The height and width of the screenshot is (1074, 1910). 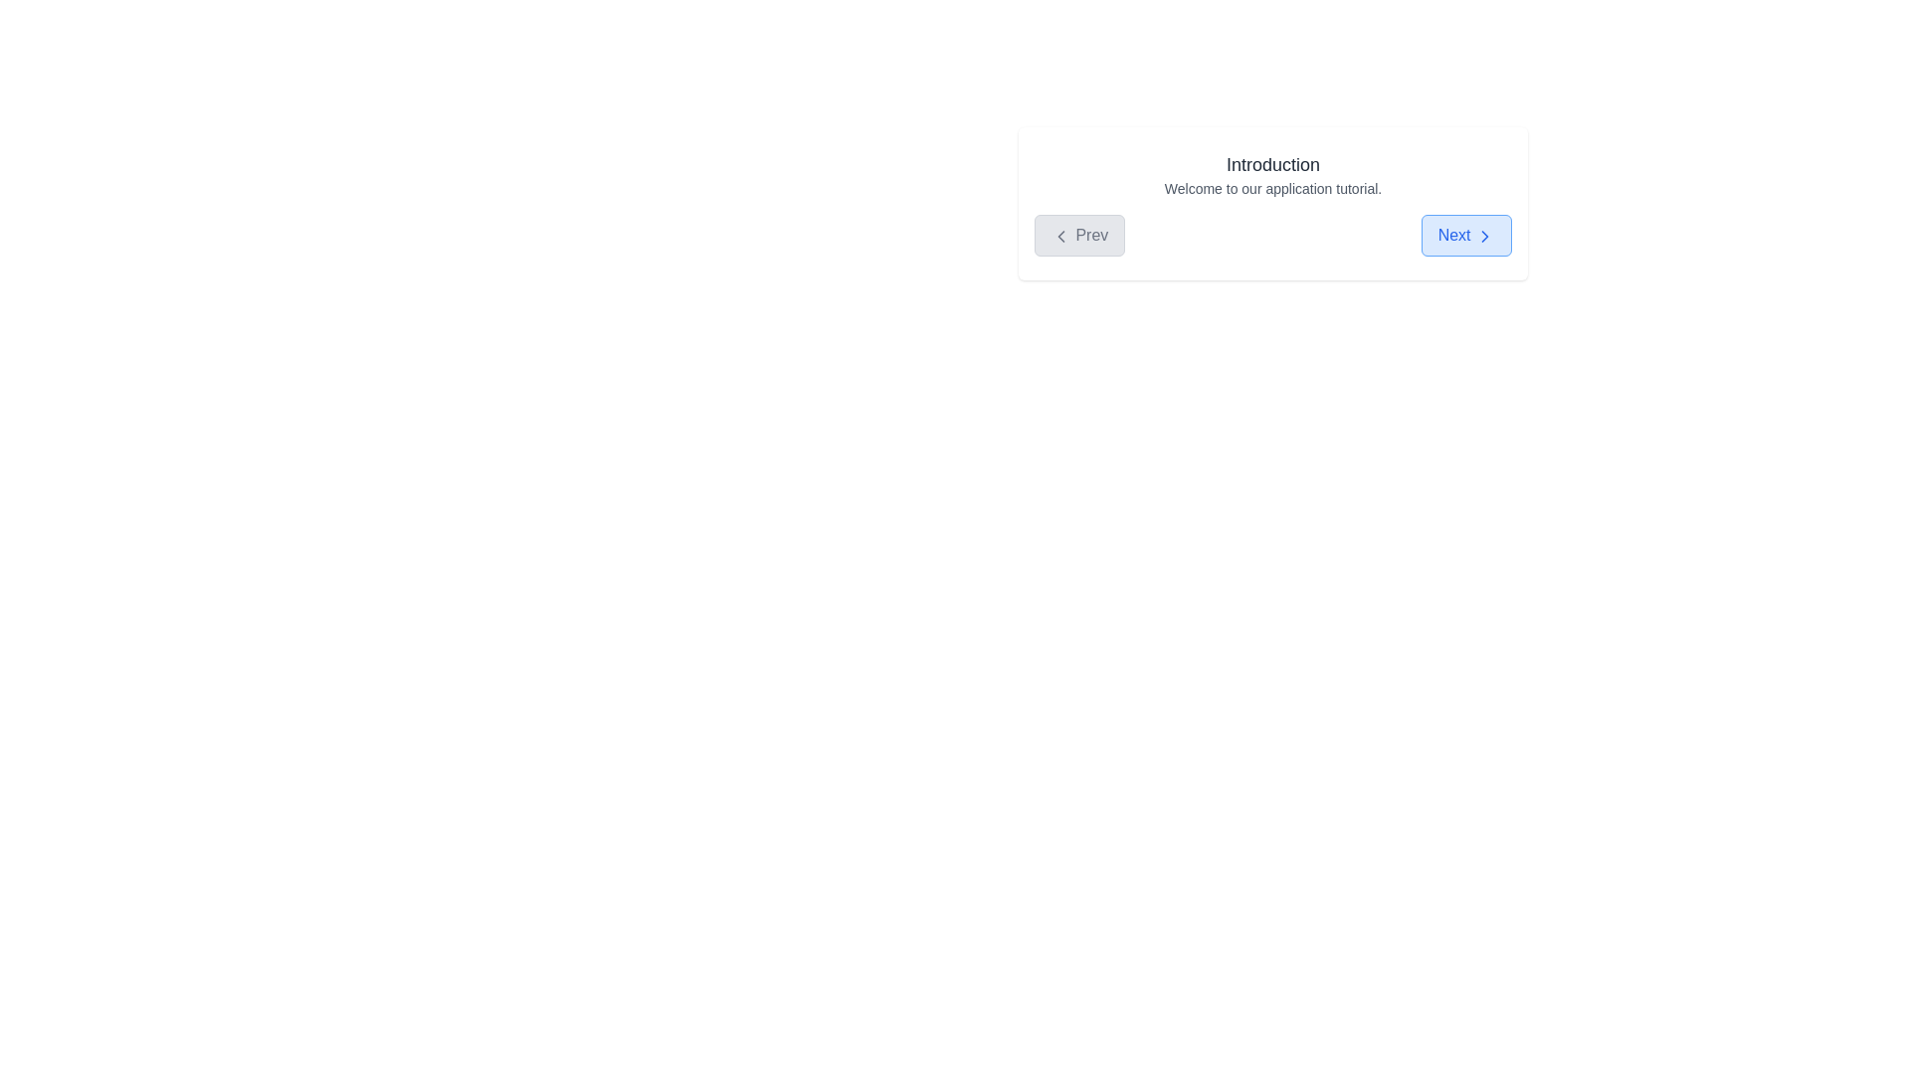 I want to click on the introductory header text block located at the center-top of the rectangular box, which is positioned above the navigation buttons labeled 'Prev' and 'Next', so click(x=1273, y=174).